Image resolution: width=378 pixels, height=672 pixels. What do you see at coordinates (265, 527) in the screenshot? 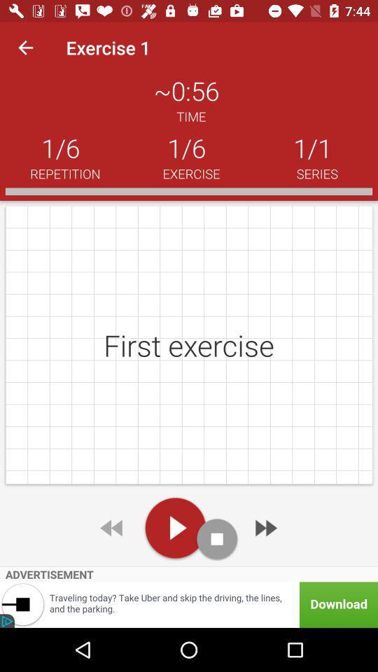
I see `next exercise` at bounding box center [265, 527].